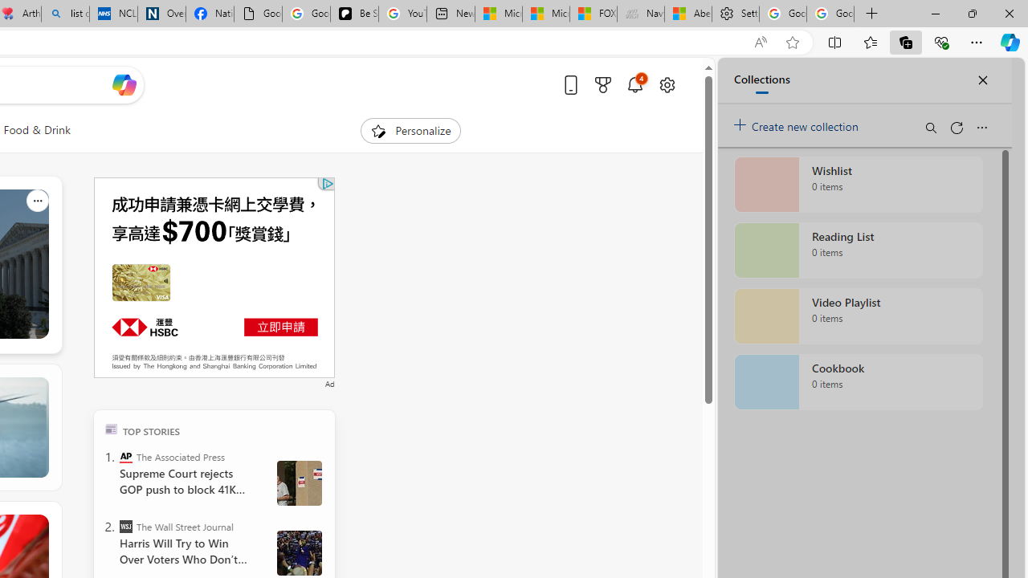 The image size is (1028, 578). I want to click on 'Google Analytics Opt-out Browser Add-on Download Page', so click(258, 14).